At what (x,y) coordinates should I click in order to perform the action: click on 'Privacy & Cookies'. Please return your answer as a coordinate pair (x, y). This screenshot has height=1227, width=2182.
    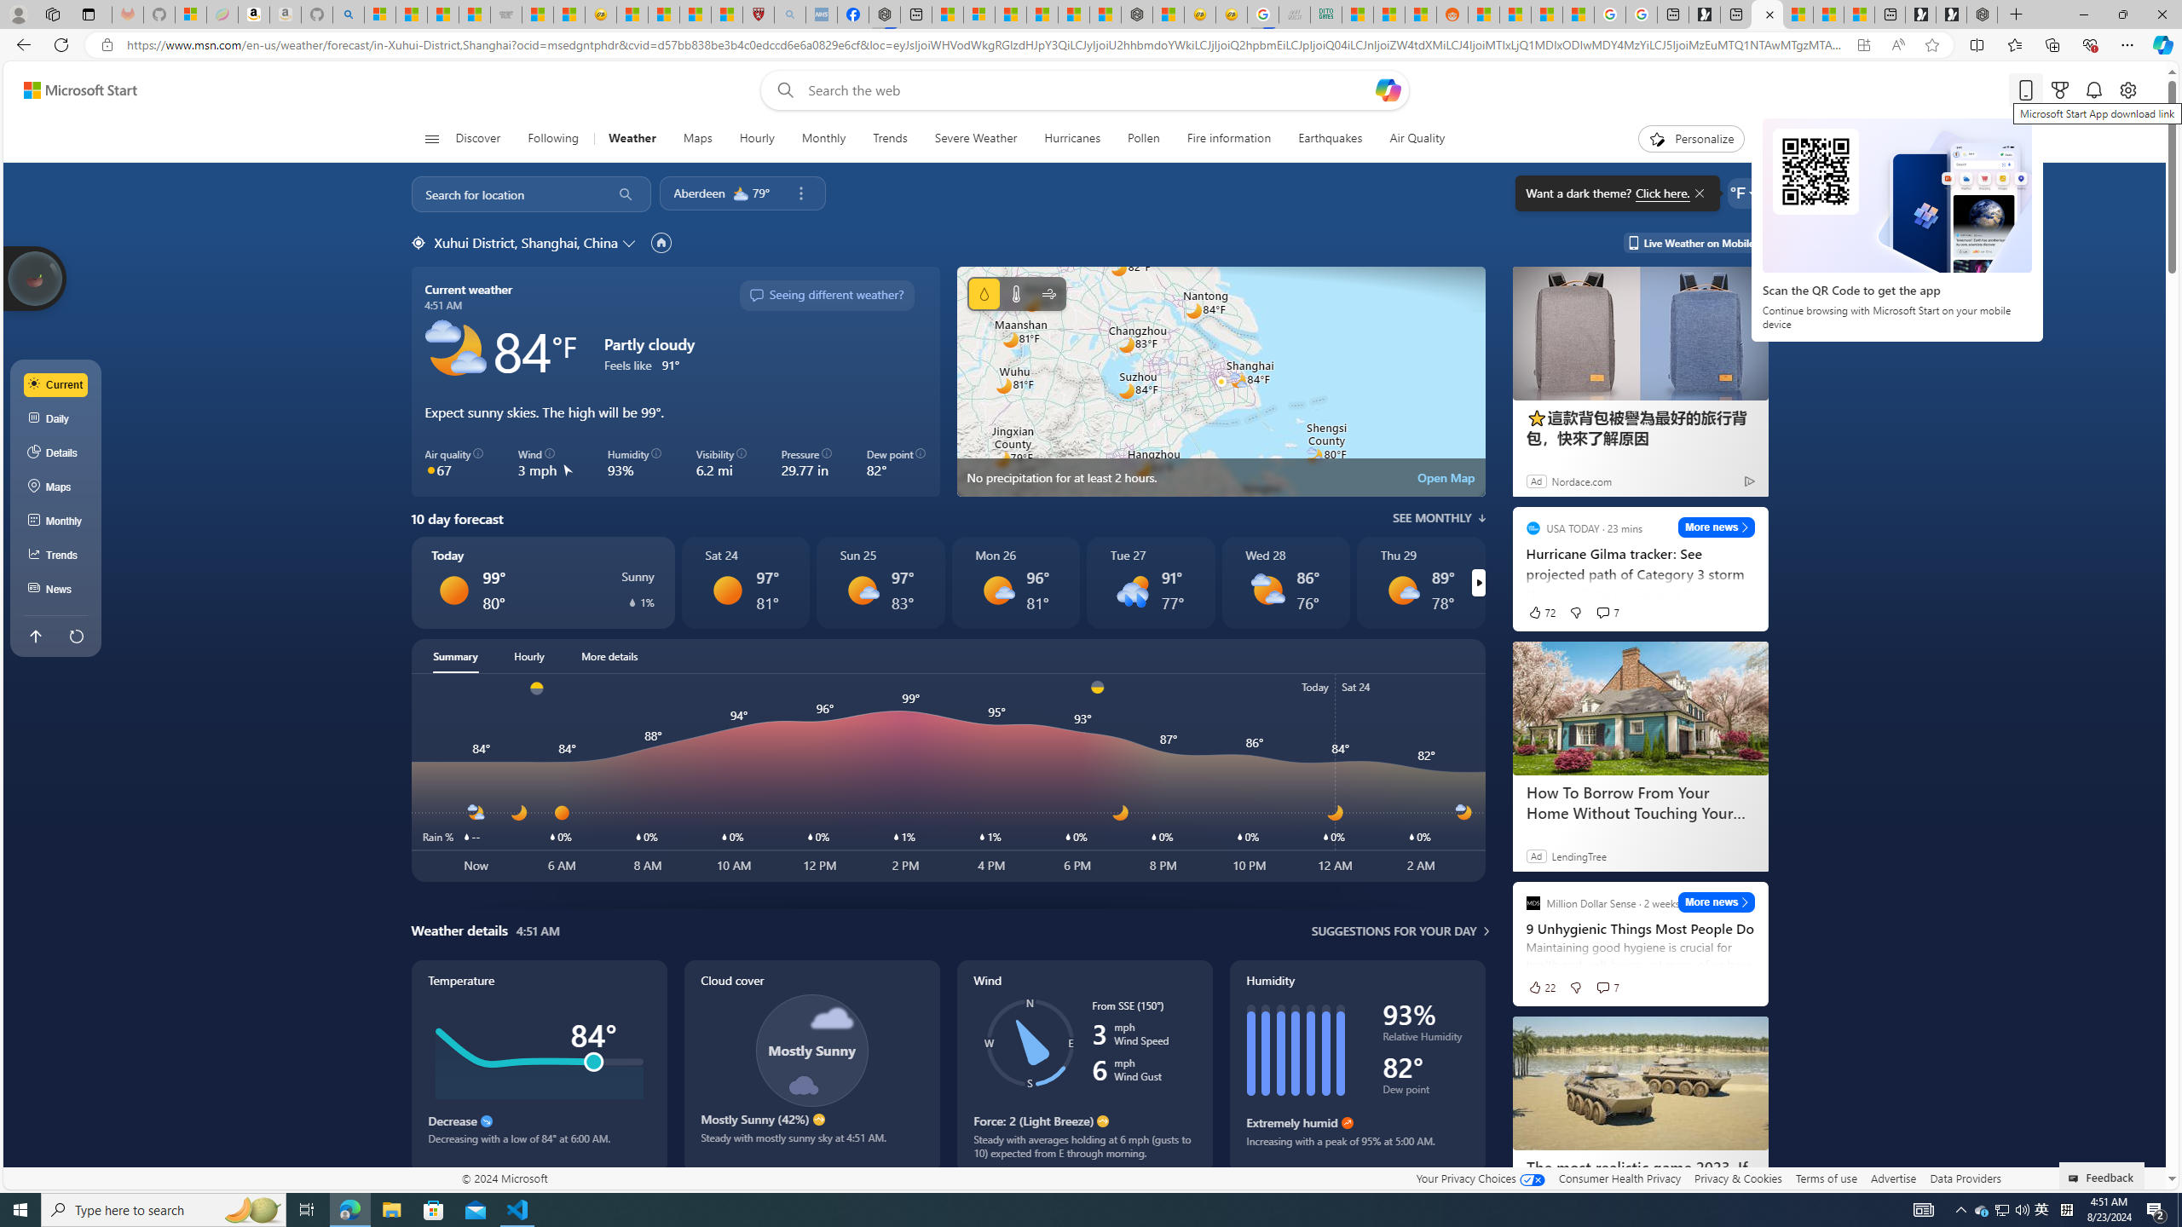
    Looking at the image, I should click on (1738, 1178).